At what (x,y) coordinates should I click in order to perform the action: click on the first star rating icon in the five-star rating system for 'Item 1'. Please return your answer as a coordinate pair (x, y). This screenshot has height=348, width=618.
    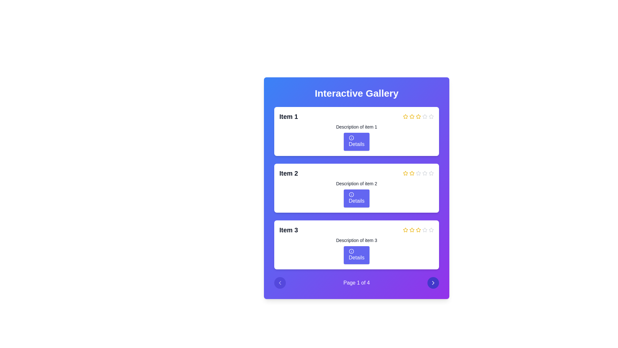
    Looking at the image, I should click on (405, 116).